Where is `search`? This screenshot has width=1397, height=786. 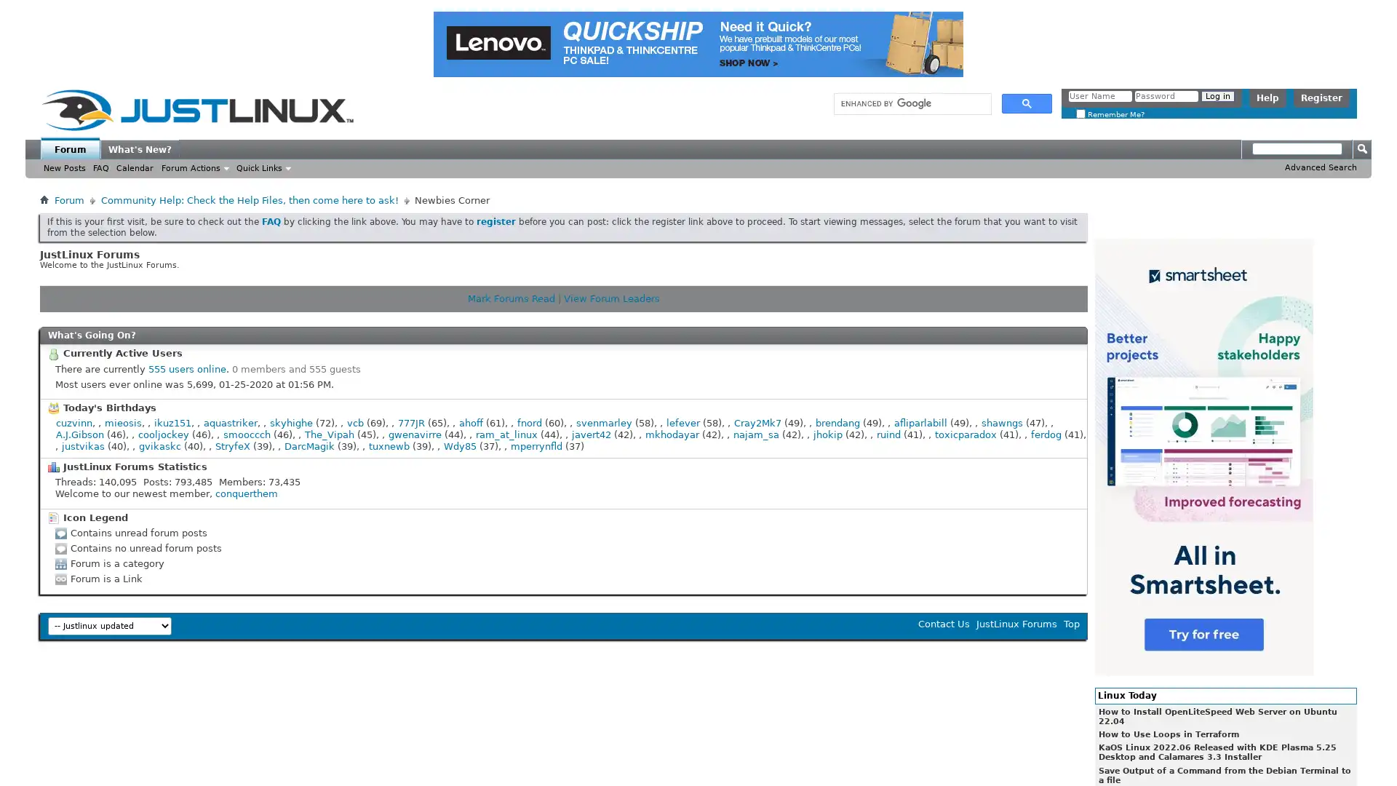
search is located at coordinates (1026, 103).